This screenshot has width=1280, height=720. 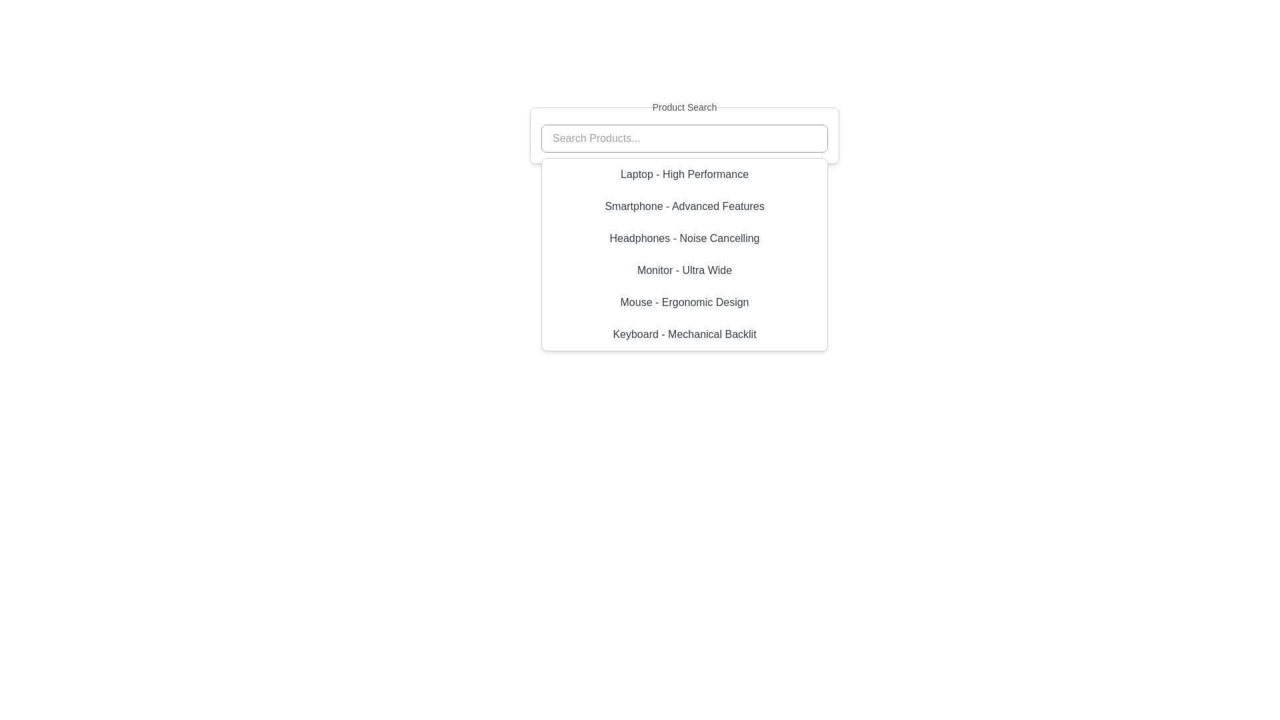 I want to click on the text input field for product search, which is centrally located below the 'Product Search' label, so click(x=685, y=131).